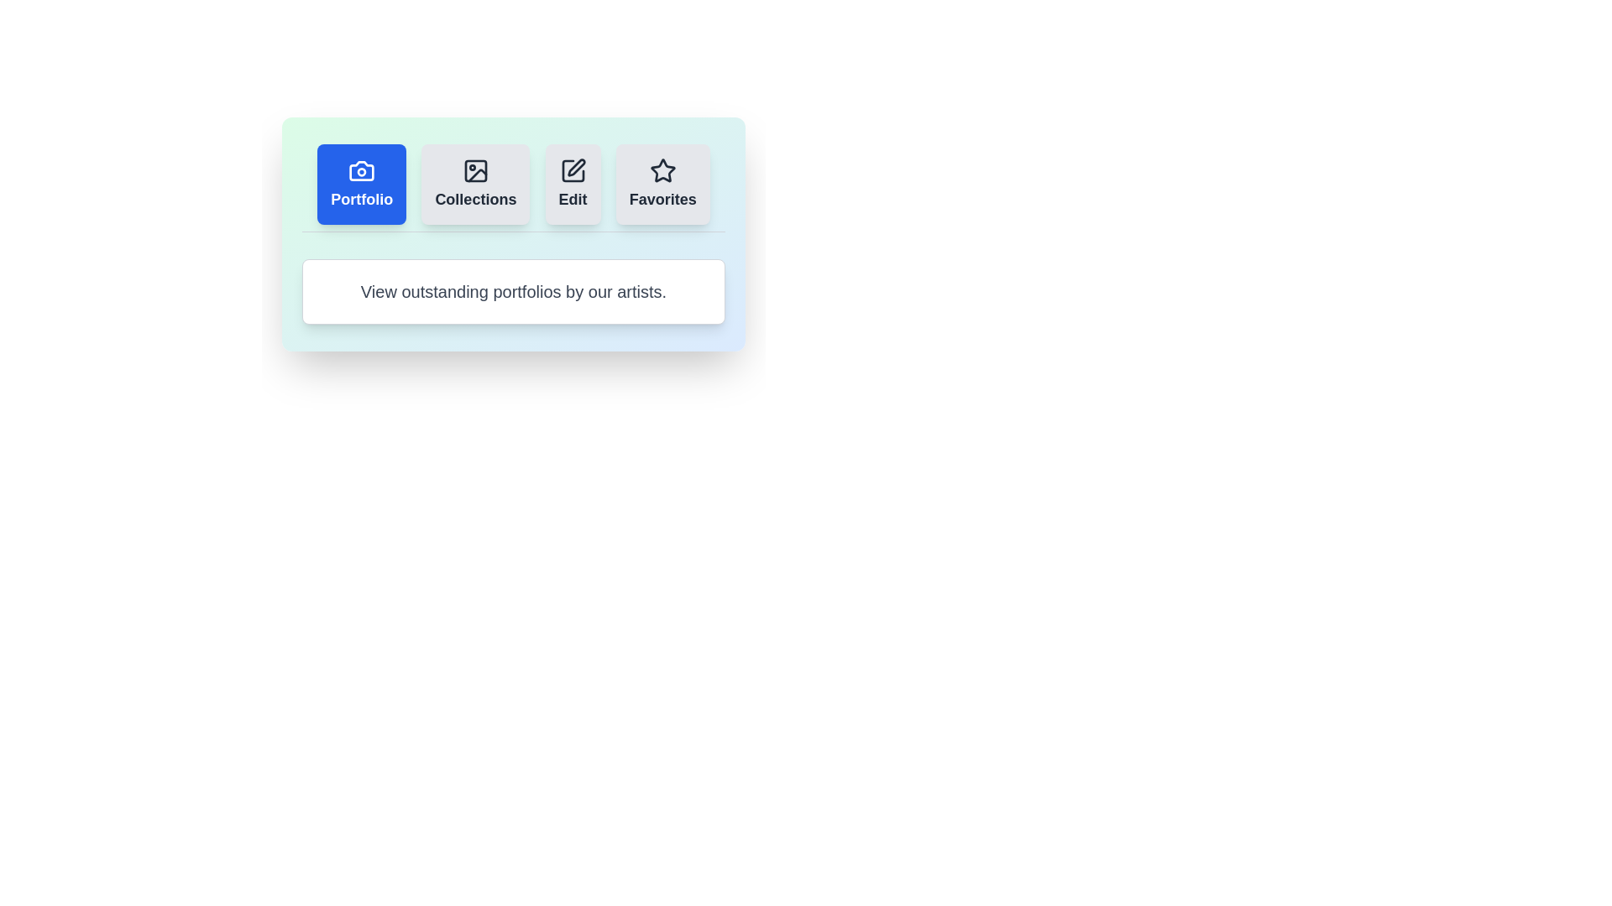 The height and width of the screenshot is (906, 1612). I want to click on the tab labeled Edit to observe its hover effect, so click(573, 184).